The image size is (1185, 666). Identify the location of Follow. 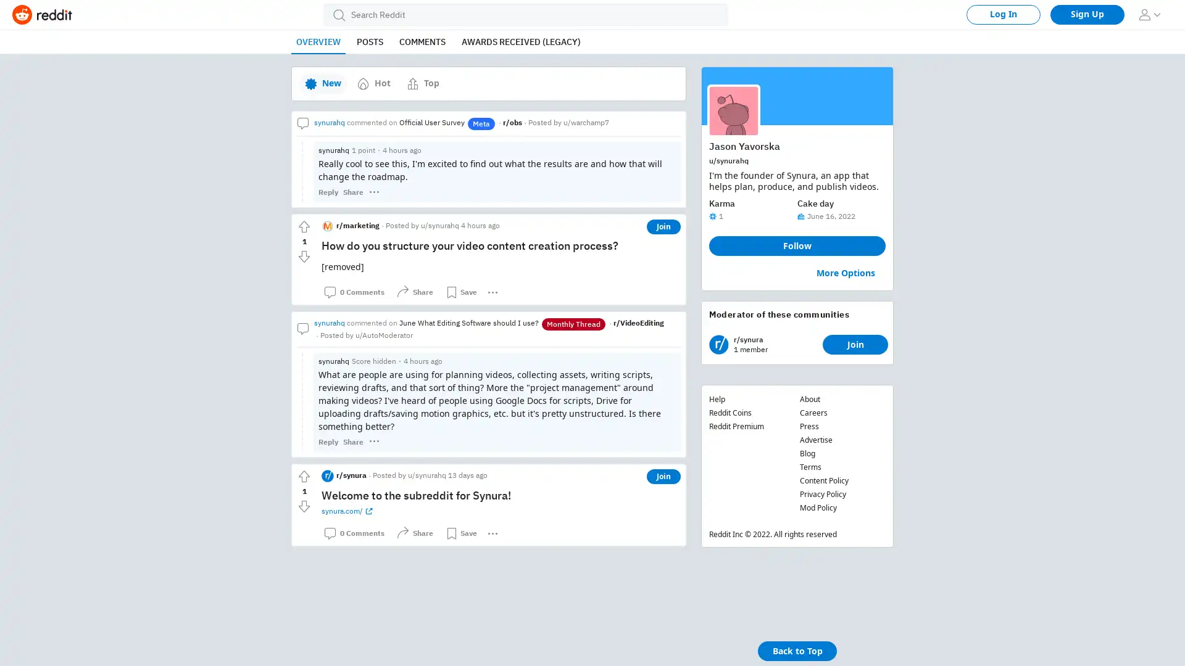
(797, 245).